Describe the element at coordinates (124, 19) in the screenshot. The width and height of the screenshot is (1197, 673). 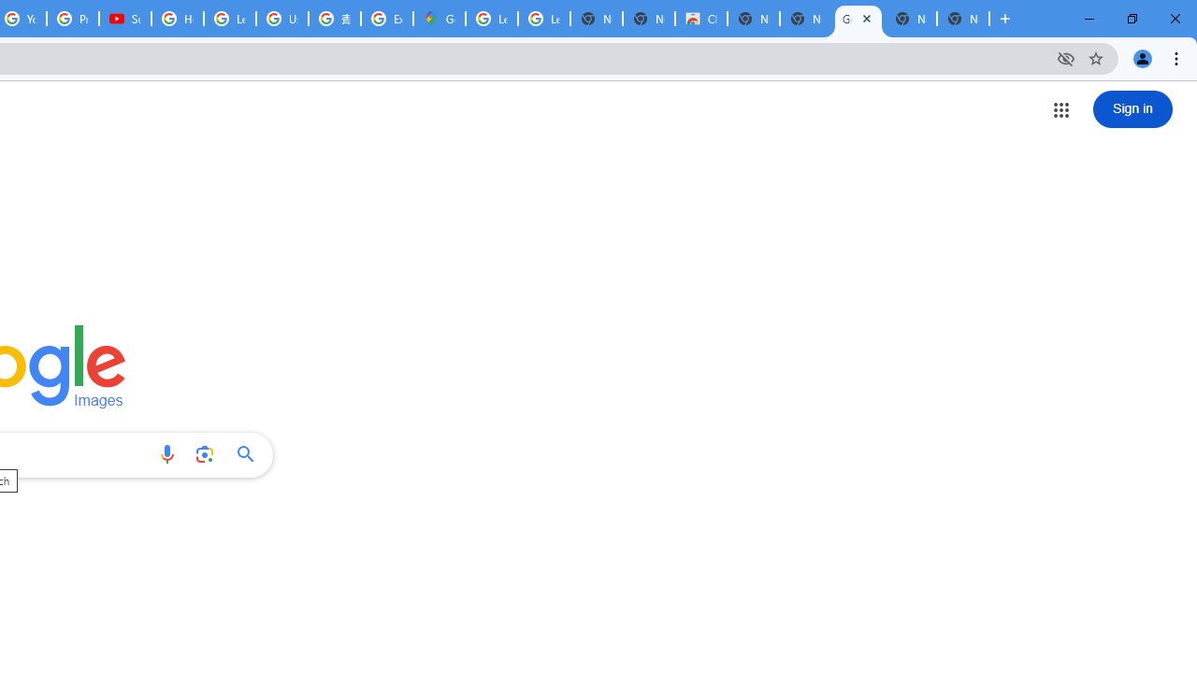
I see `'Subscriptions - YouTube'` at that location.